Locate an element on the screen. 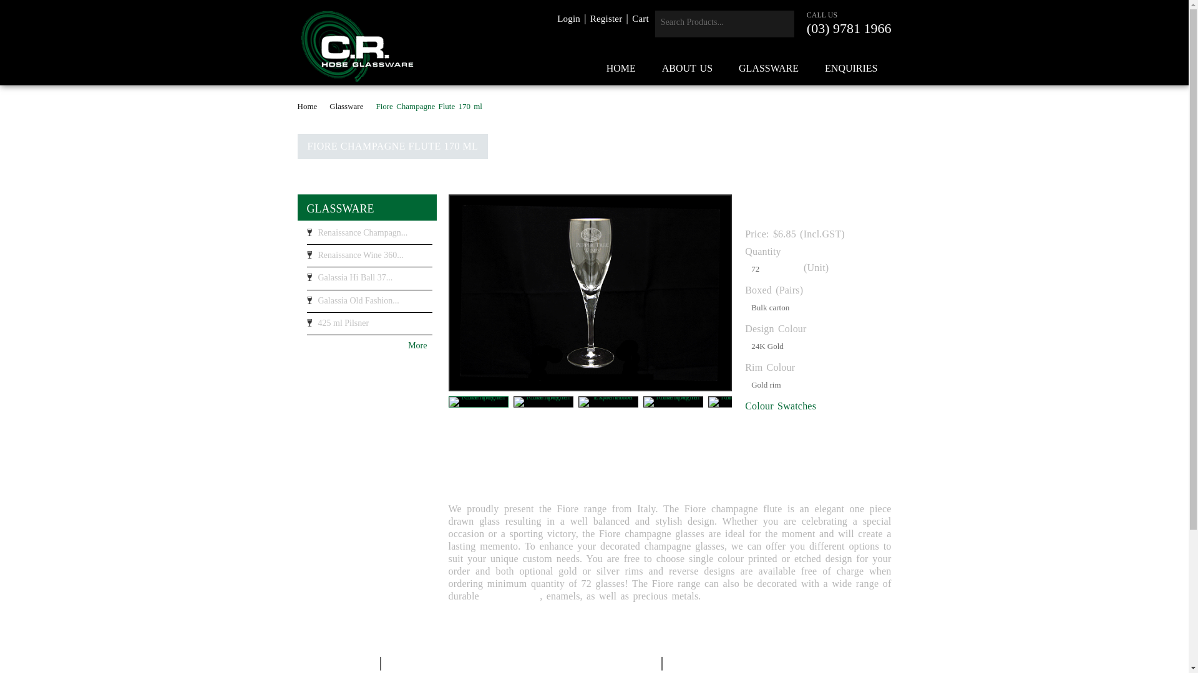 The height and width of the screenshot is (673, 1198). 'Galassia Old Fashion...' is located at coordinates (369, 304).